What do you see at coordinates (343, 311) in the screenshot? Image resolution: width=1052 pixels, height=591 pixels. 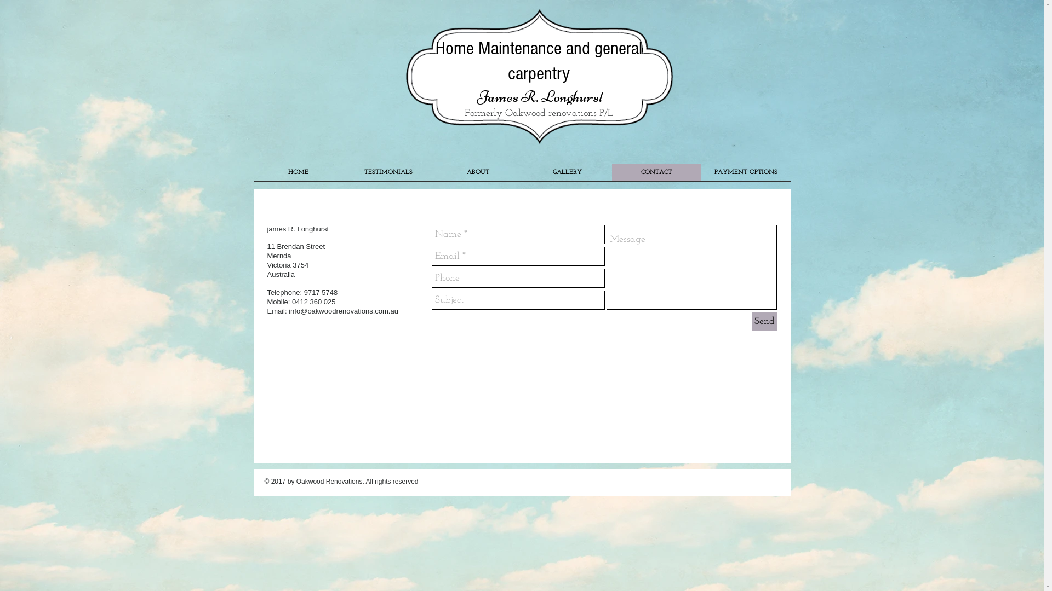 I see `'info@oakwoodrenovations.com.au'` at bounding box center [343, 311].